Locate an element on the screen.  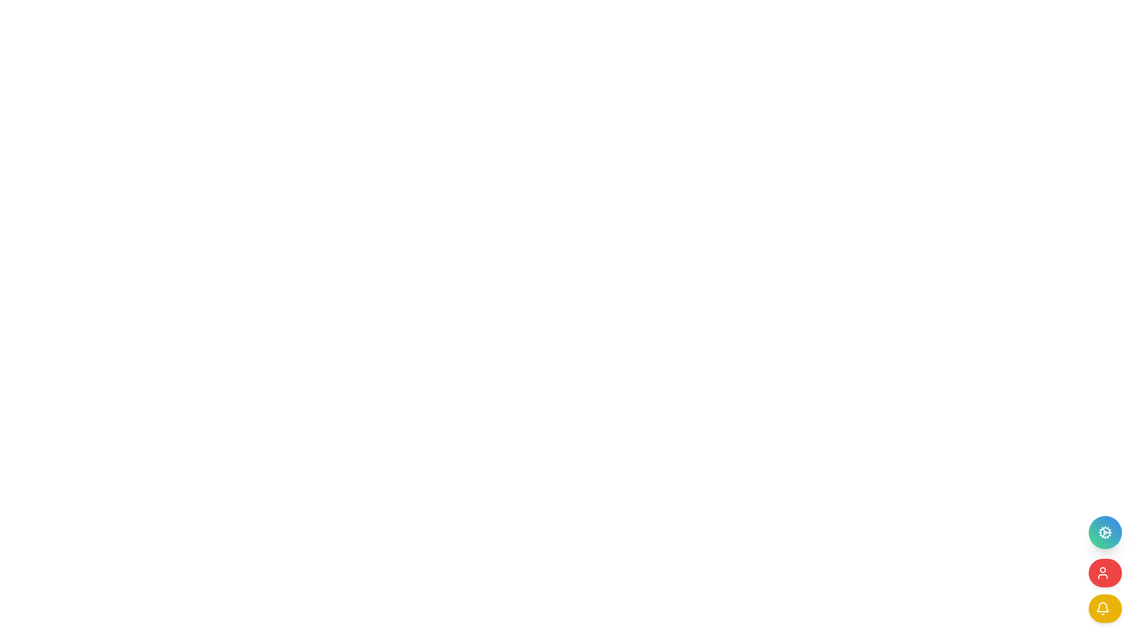
the circular button with a gradient background transitioning from green to blue, which contains a white cogwheel icon and is the topmost in a vertical arrangement of buttons in the bottom-right corner of the interface is located at coordinates (1105, 531).